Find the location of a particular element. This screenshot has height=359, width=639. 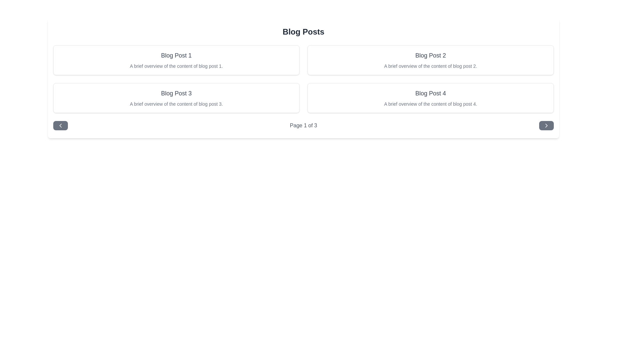

the pagination status Text Label that displays the current page number and total number of pages, located between the left and right arrow buttons at the bottom of the content layout is located at coordinates (303, 126).